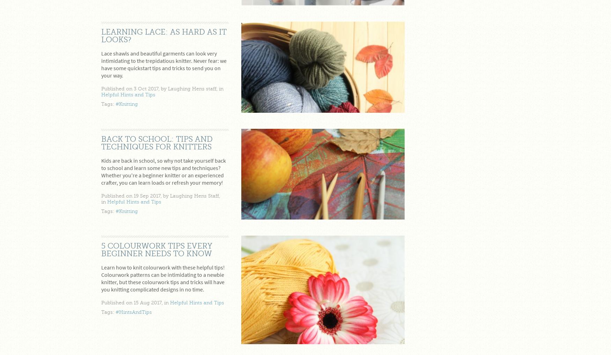  I want to click on 'Learning lace: as hard as it looks?', so click(164, 35).